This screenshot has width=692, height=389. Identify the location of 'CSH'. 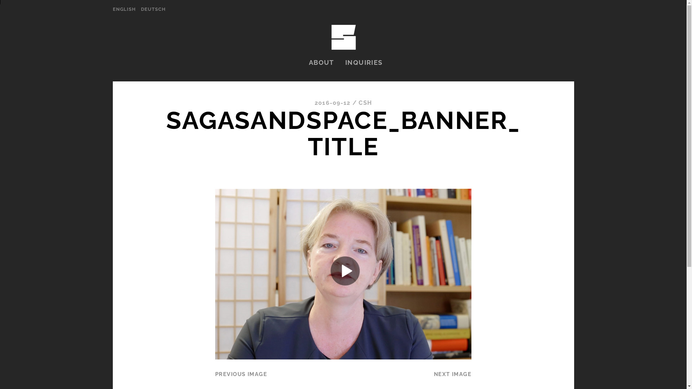
(358, 103).